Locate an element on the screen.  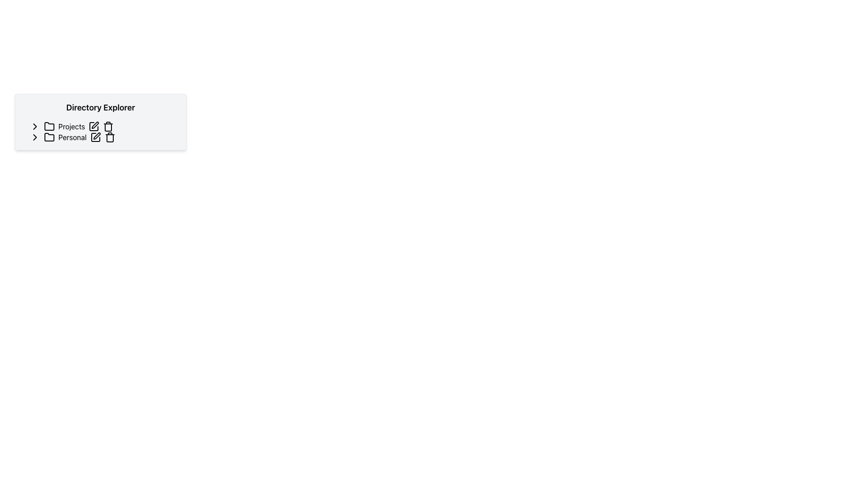
the 'Projects' directory row in the Directory Explorer section is located at coordinates (104, 126).